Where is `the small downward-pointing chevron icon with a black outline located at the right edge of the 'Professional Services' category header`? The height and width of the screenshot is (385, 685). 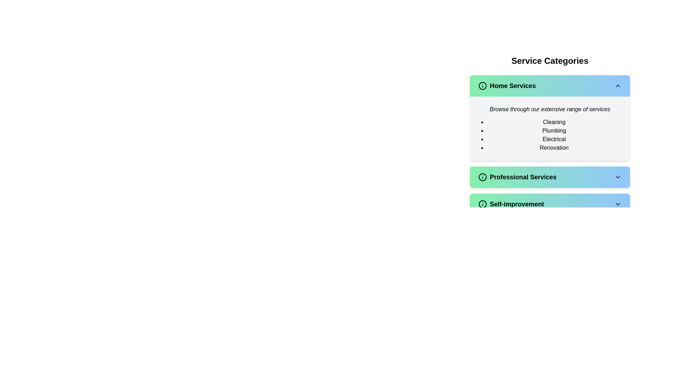
the small downward-pointing chevron icon with a black outline located at the right edge of the 'Professional Services' category header is located at coordinates (618, 177).